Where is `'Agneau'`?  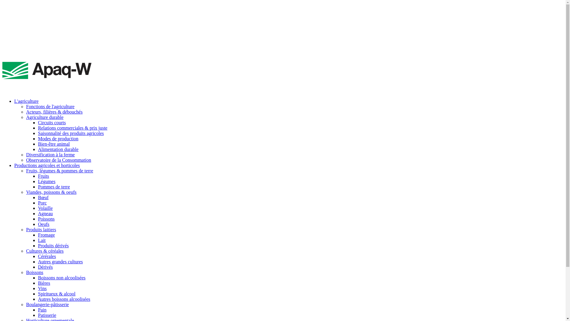
'Agneau' is located at coordinates (45, 213).